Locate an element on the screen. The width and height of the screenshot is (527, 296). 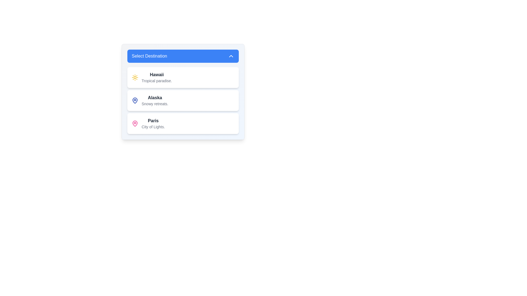
the blue map pin icon located in the 'Select Destination' dropdown menu under the option labeled 'Alaska' is located at coordinates (135, 100).